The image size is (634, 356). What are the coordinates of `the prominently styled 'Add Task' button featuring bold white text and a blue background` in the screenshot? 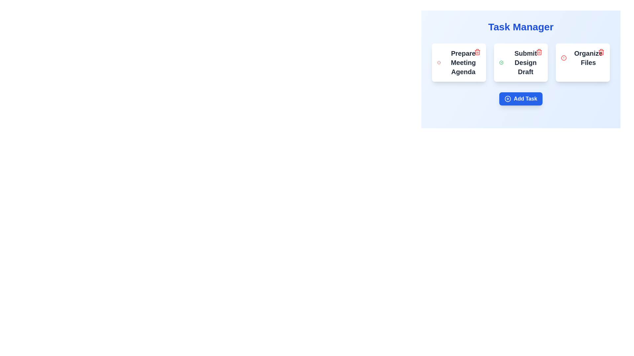 It's located at (520, 99).